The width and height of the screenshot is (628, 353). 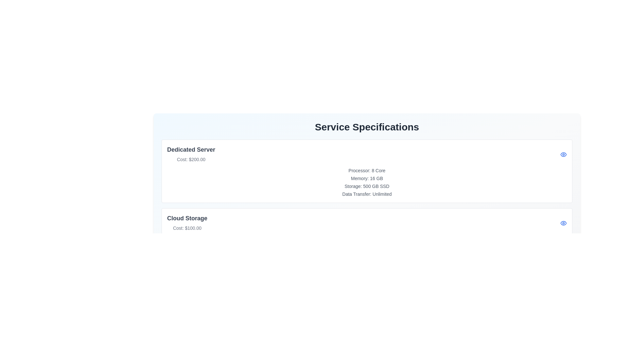 What do you see at coordinates (367, 170) in the screenshot?
I see `the processor specification label that informs the user about the dedicated server package's processor details` at bounding box center [367, 170].